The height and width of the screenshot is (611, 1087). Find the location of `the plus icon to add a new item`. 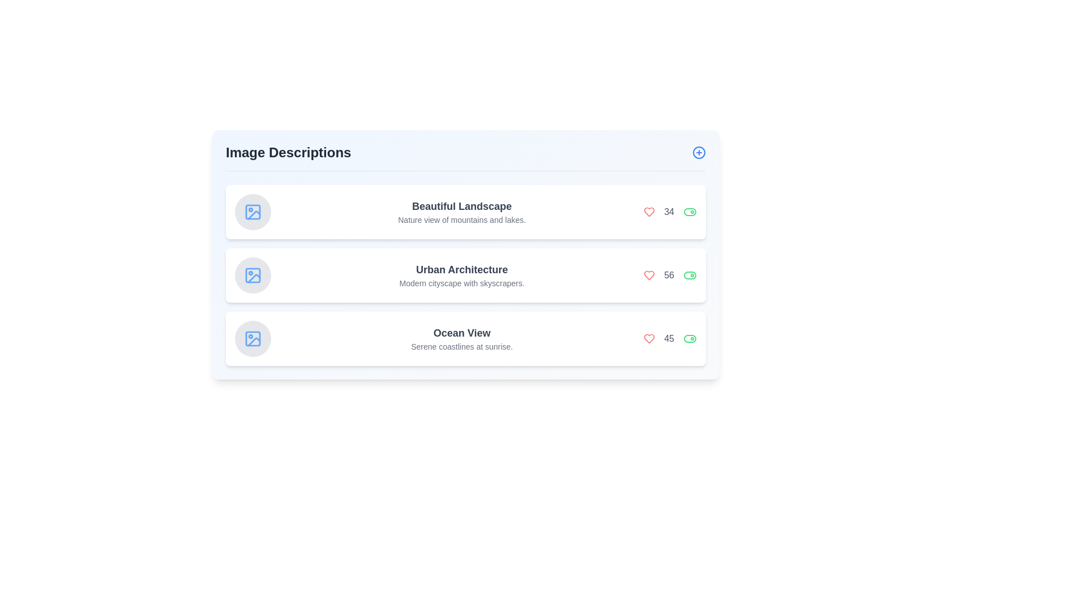

the plus icon to add a new item is located at coordinates (698, 153).